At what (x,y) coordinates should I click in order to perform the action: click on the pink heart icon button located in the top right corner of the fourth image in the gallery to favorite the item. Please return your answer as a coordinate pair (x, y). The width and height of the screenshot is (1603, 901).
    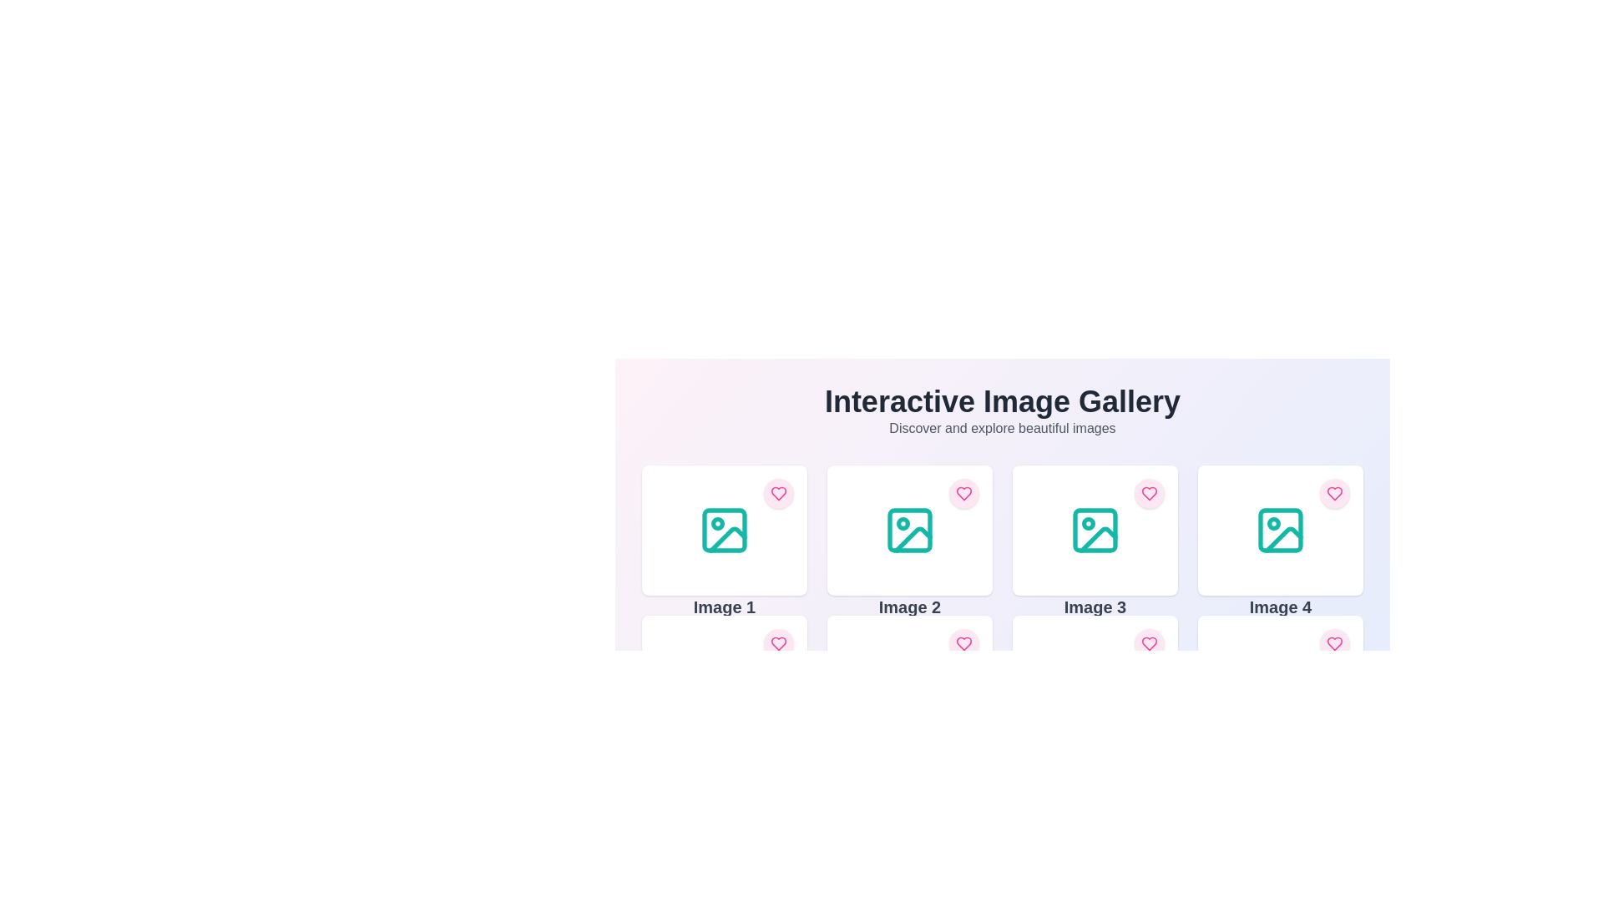
    Looking at the image, I should click on (1333, 492).